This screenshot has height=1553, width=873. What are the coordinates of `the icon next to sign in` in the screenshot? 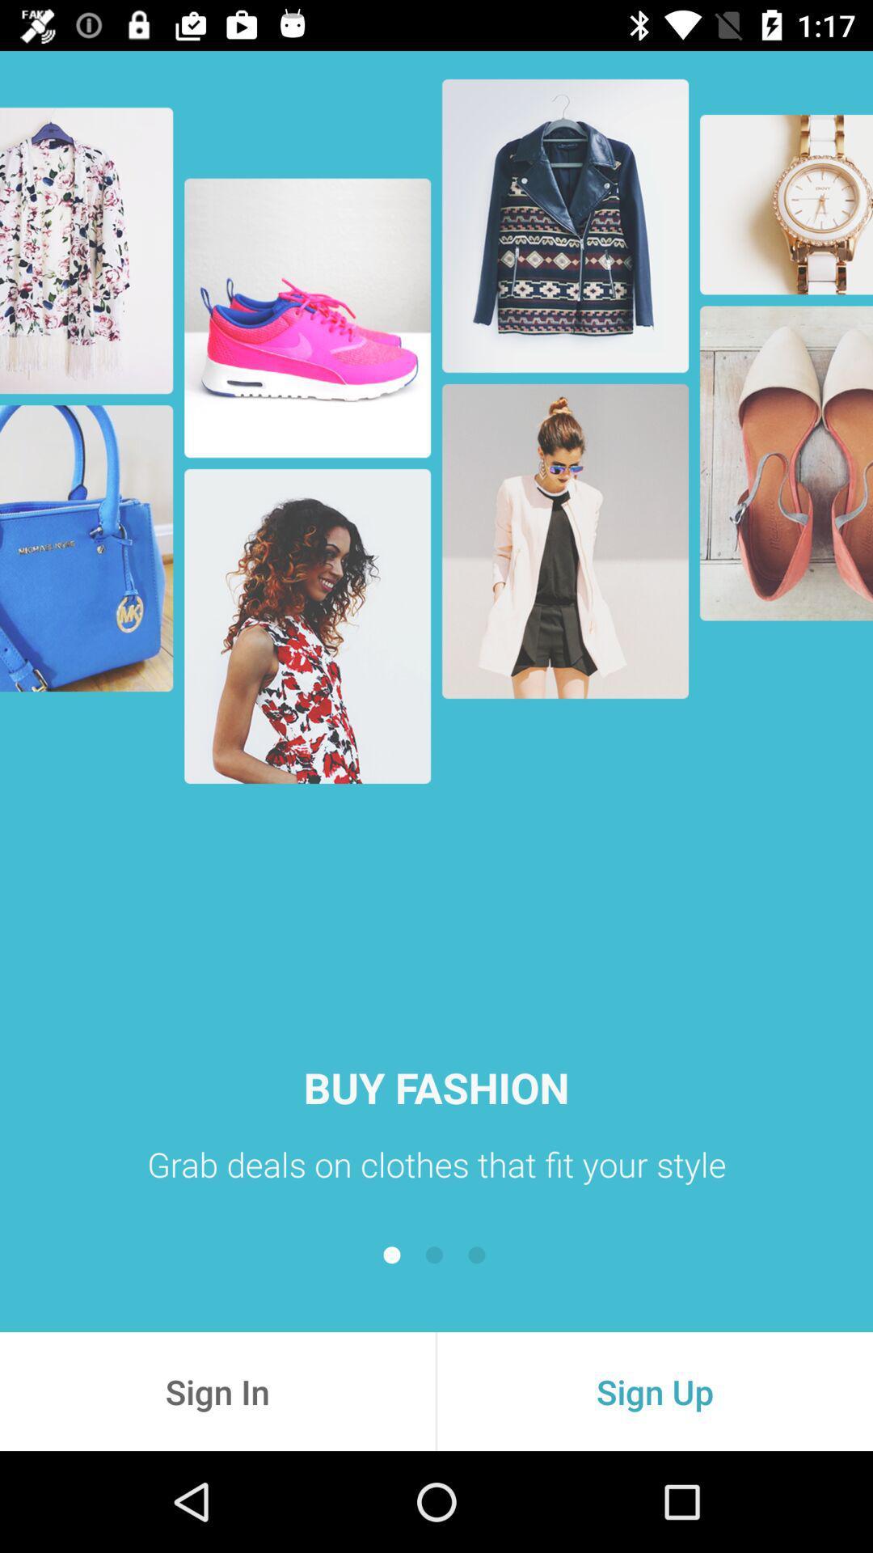 It's located at (655, 1390).